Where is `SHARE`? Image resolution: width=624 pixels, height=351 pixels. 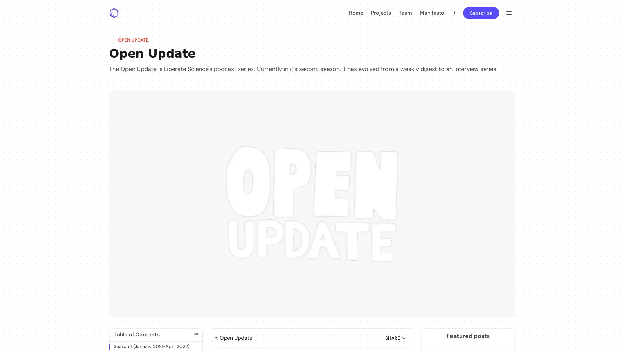 SHARE is located at coordinates (396, 338).